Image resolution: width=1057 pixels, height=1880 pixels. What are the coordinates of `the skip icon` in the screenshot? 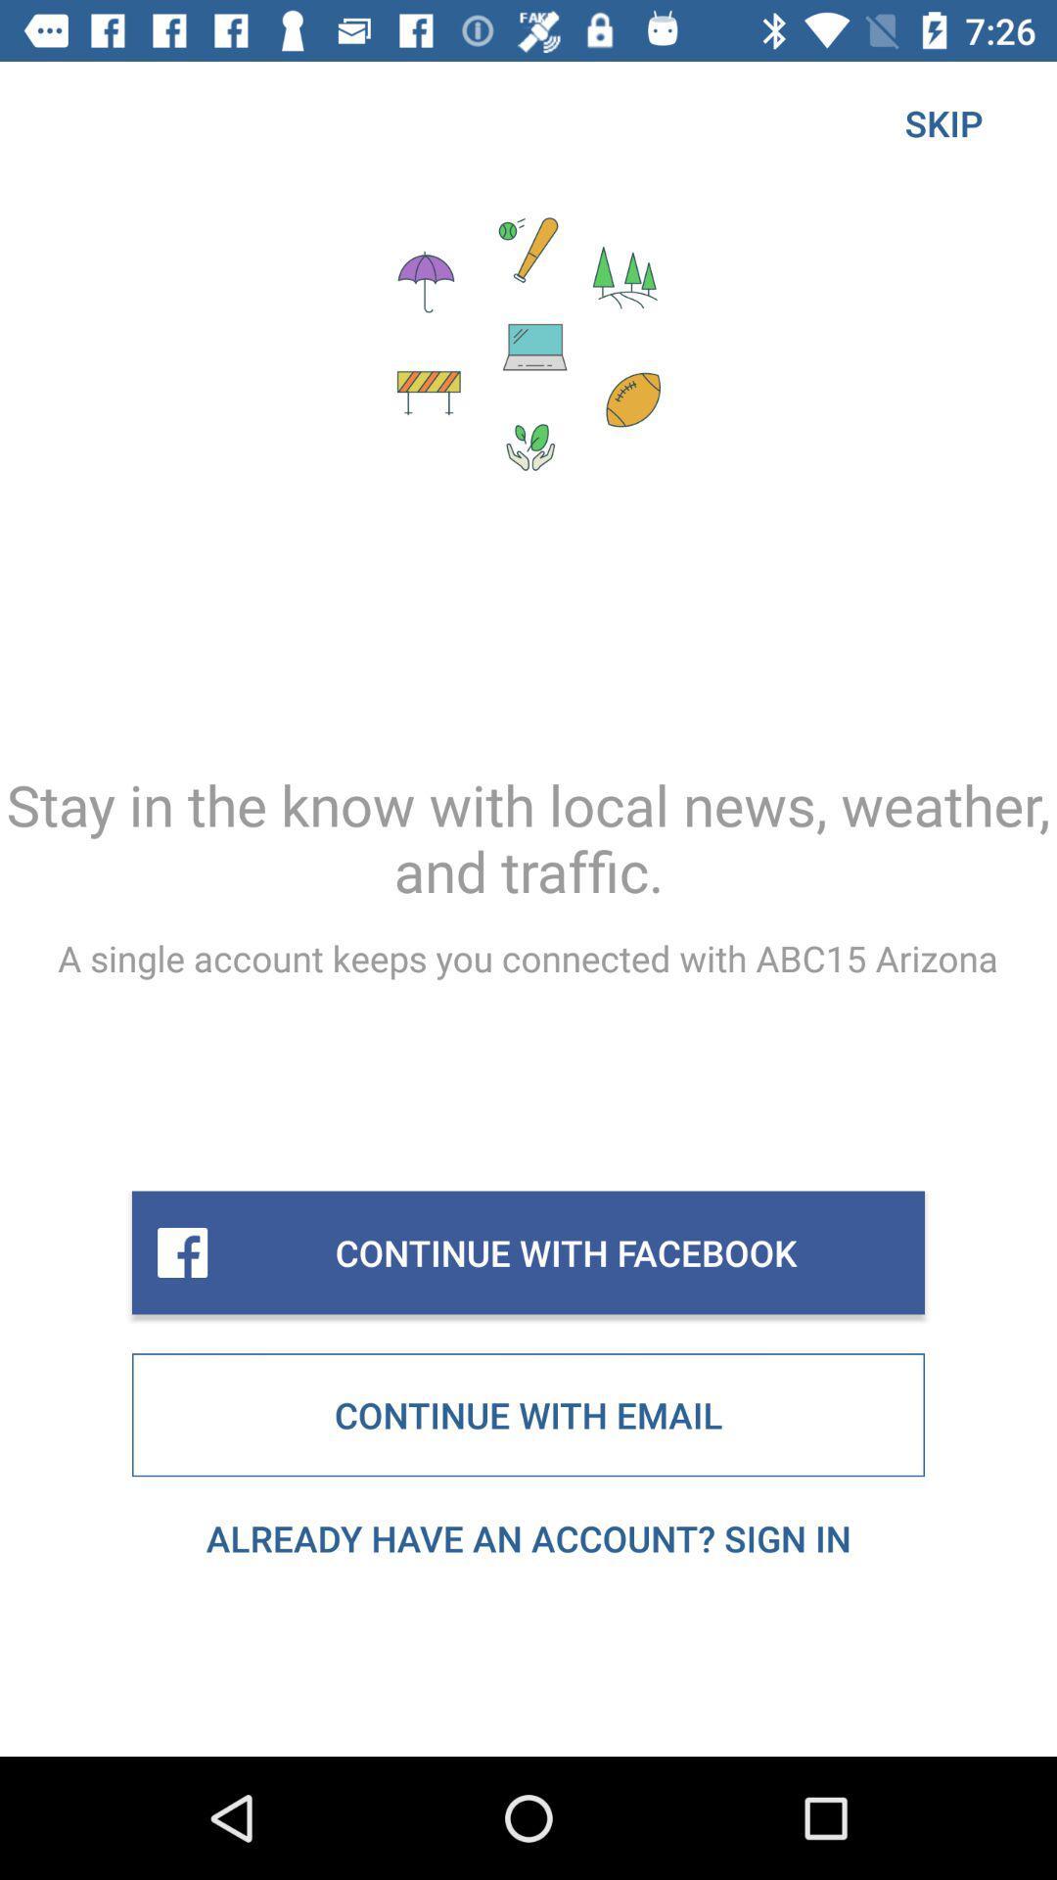 It's located at (942, 121).